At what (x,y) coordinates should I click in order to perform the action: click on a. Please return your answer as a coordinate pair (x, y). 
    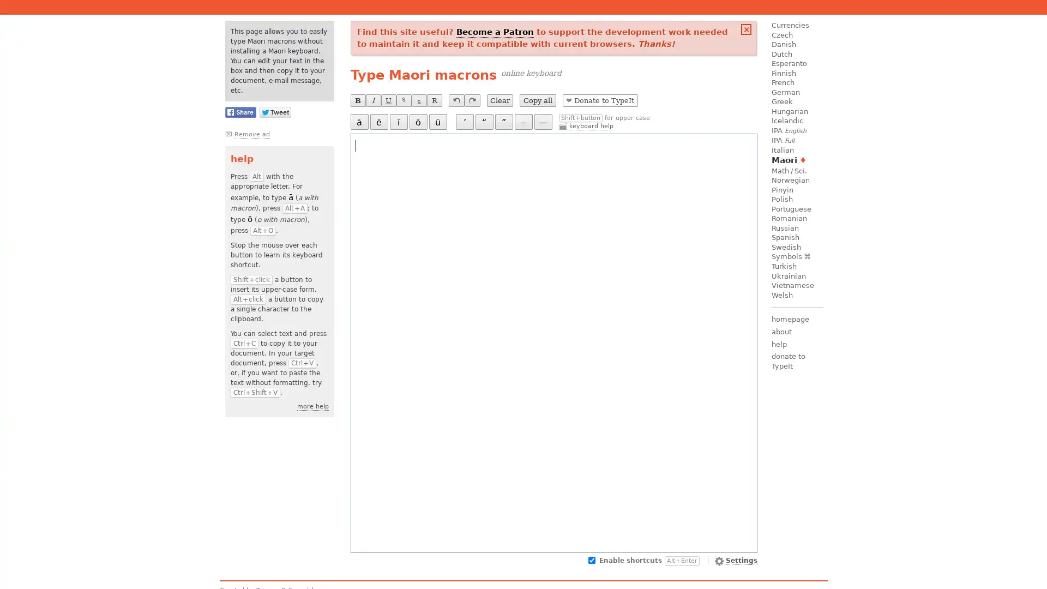
    Looking at the image, I should click on (359, 122).